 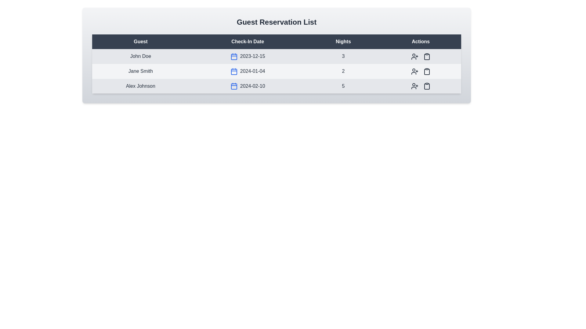 I want to click on the clipboard-related SVG icon located in the 'Actions' column of the first row in the guest reservation list interface, so click(x=426, y=56).